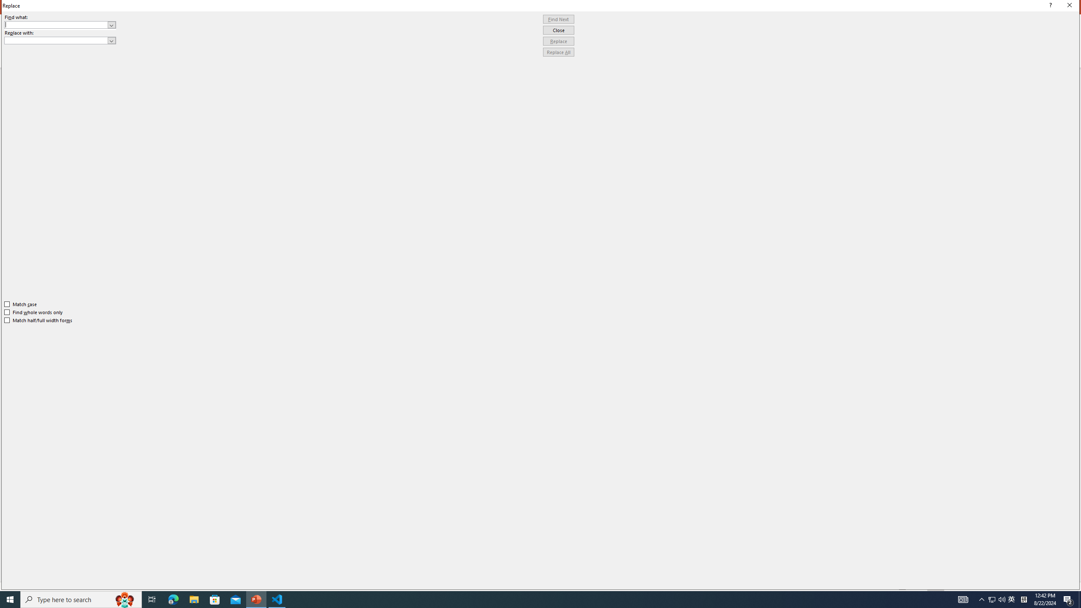  Describe the element at coordinates (34, 312) in the screenshot. I see `'Find whole words only'` at that location.